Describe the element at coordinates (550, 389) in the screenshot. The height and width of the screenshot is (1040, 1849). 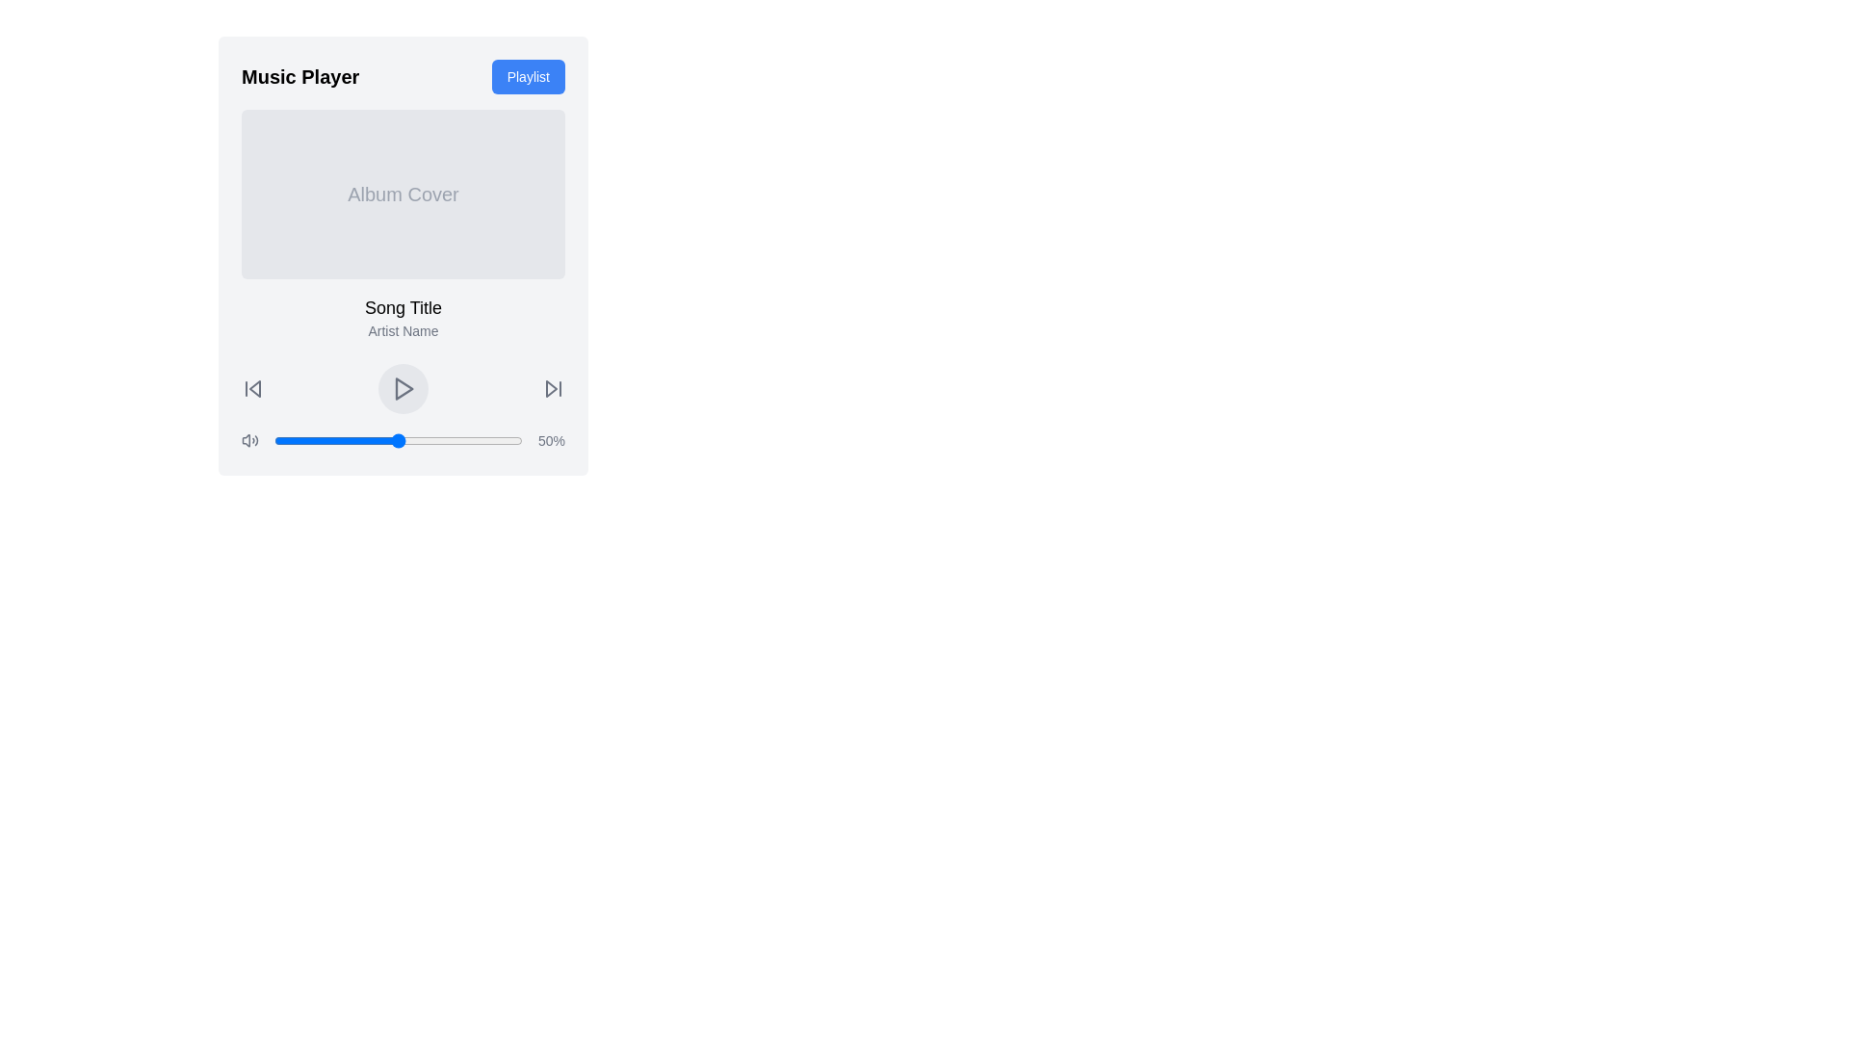
I see `the skip-forward button icon located towards the bottom right of the music player interface` at that location.